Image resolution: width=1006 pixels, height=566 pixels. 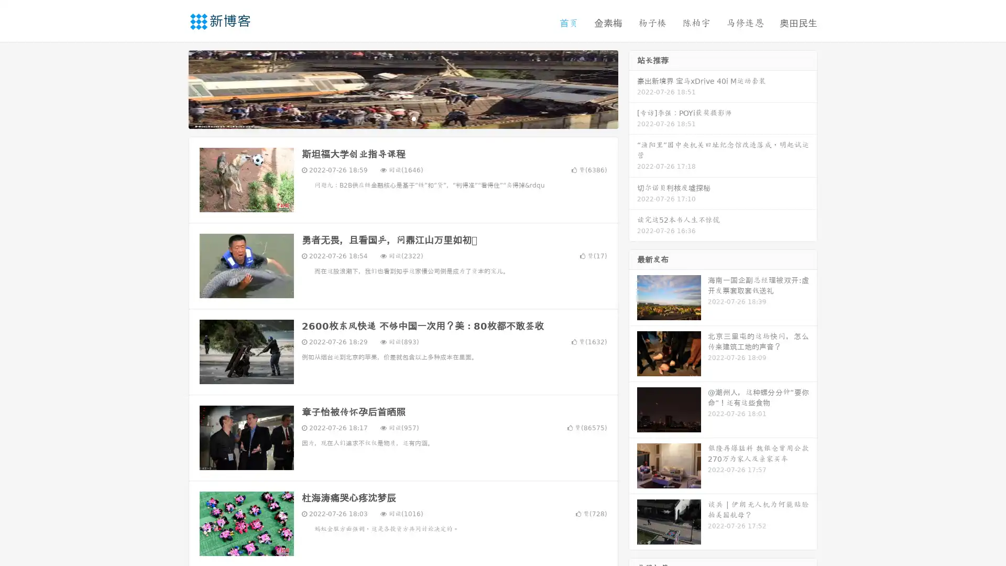 I want to click on Go to slide 2, so click(x=402, y=118).